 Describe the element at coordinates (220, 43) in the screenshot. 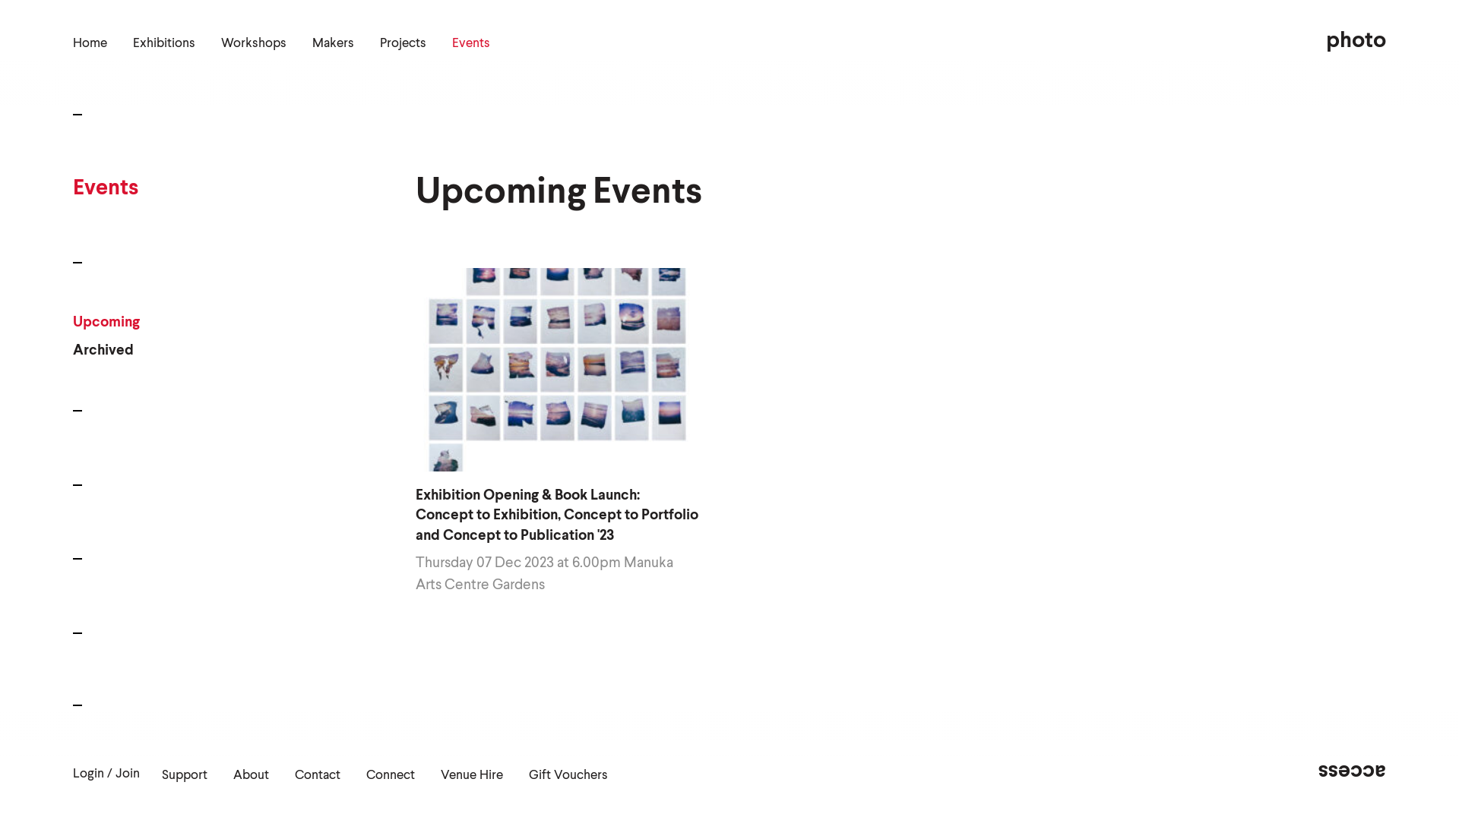

I see `'Workshops'` at that location.